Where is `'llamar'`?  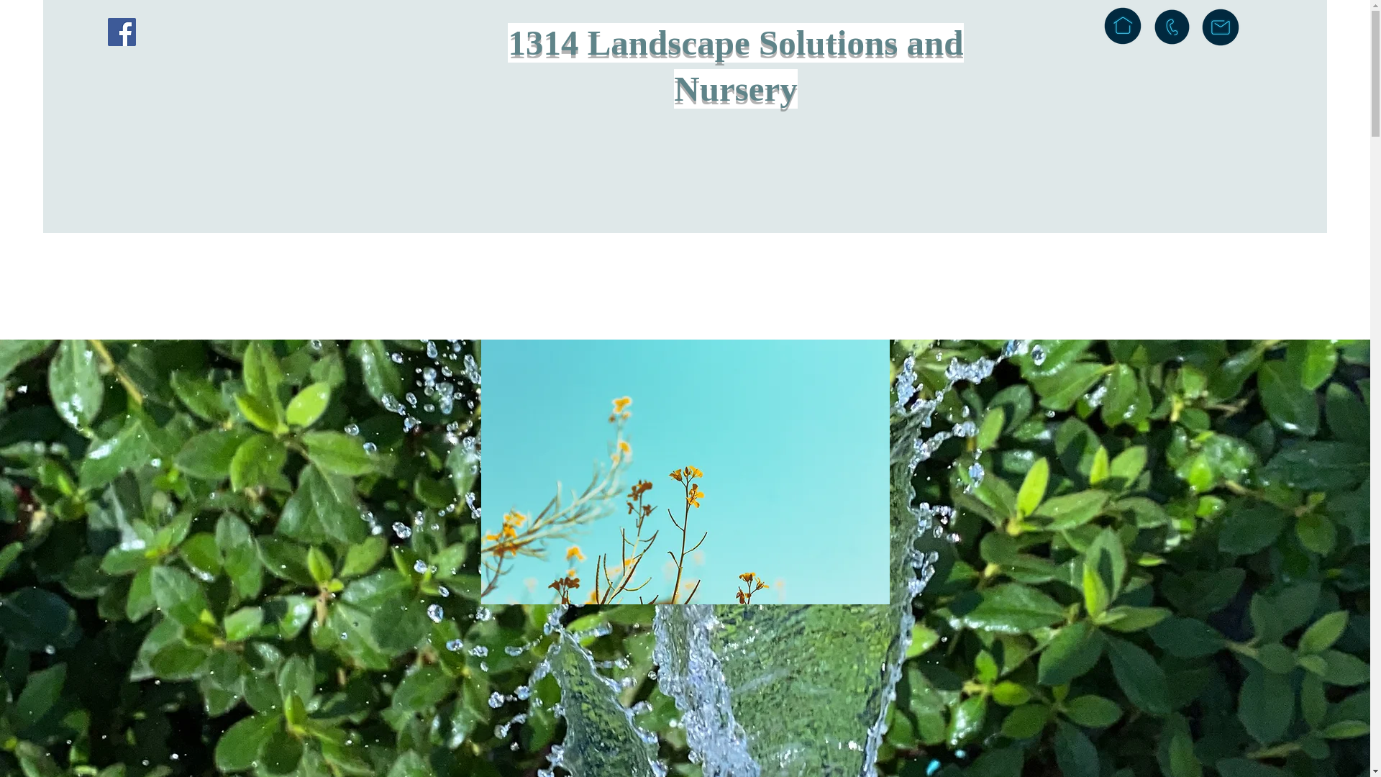 'llamar' is located at coordinates (1172, 27).